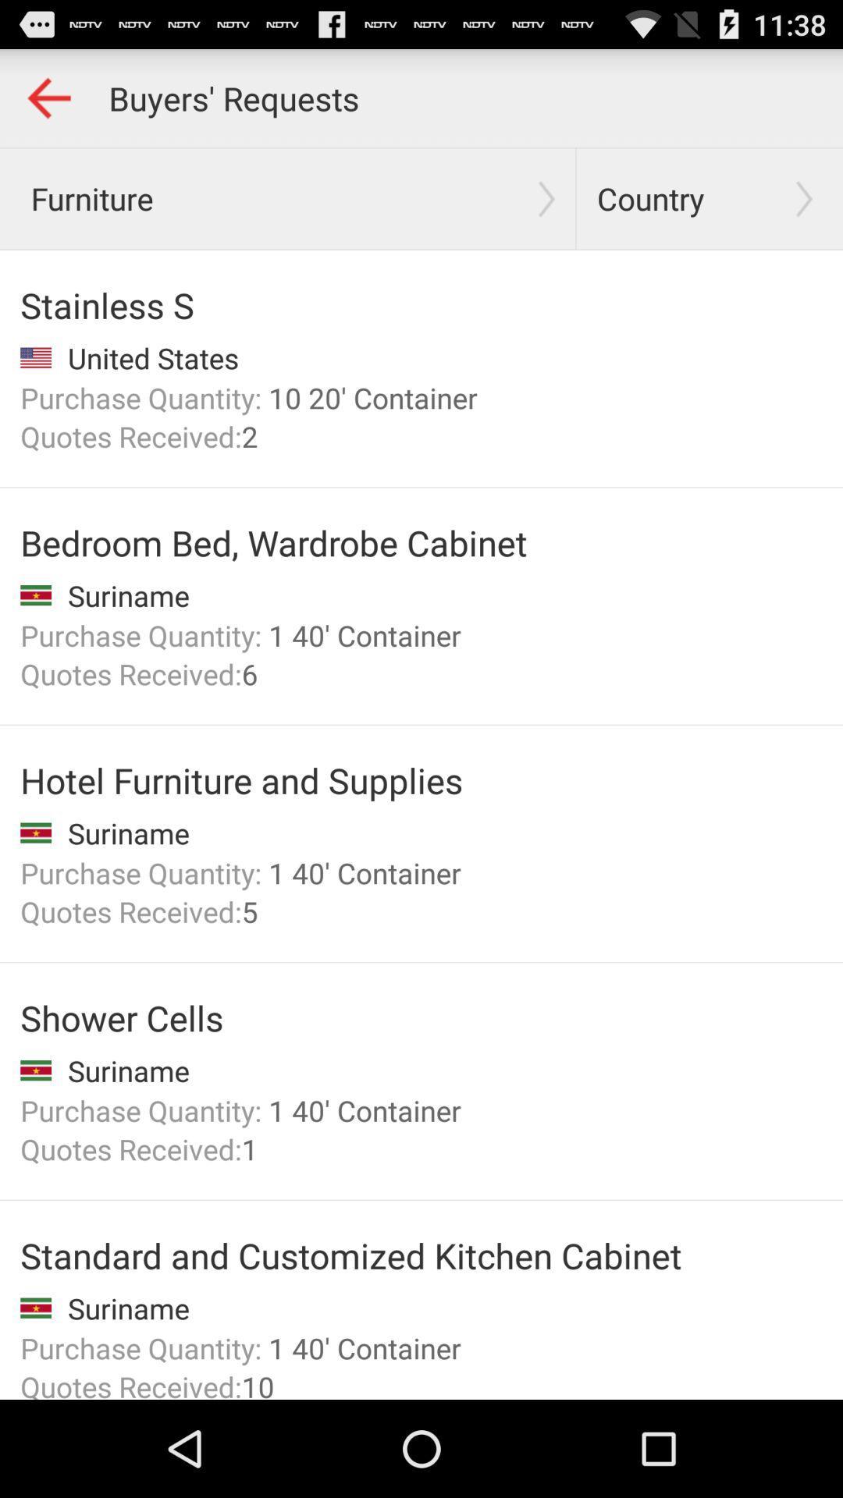 The height and width of the screenshot is (1498, 843). Describe the element at coordinates (48, 97) in the screenshot. I see `go back` at that location.